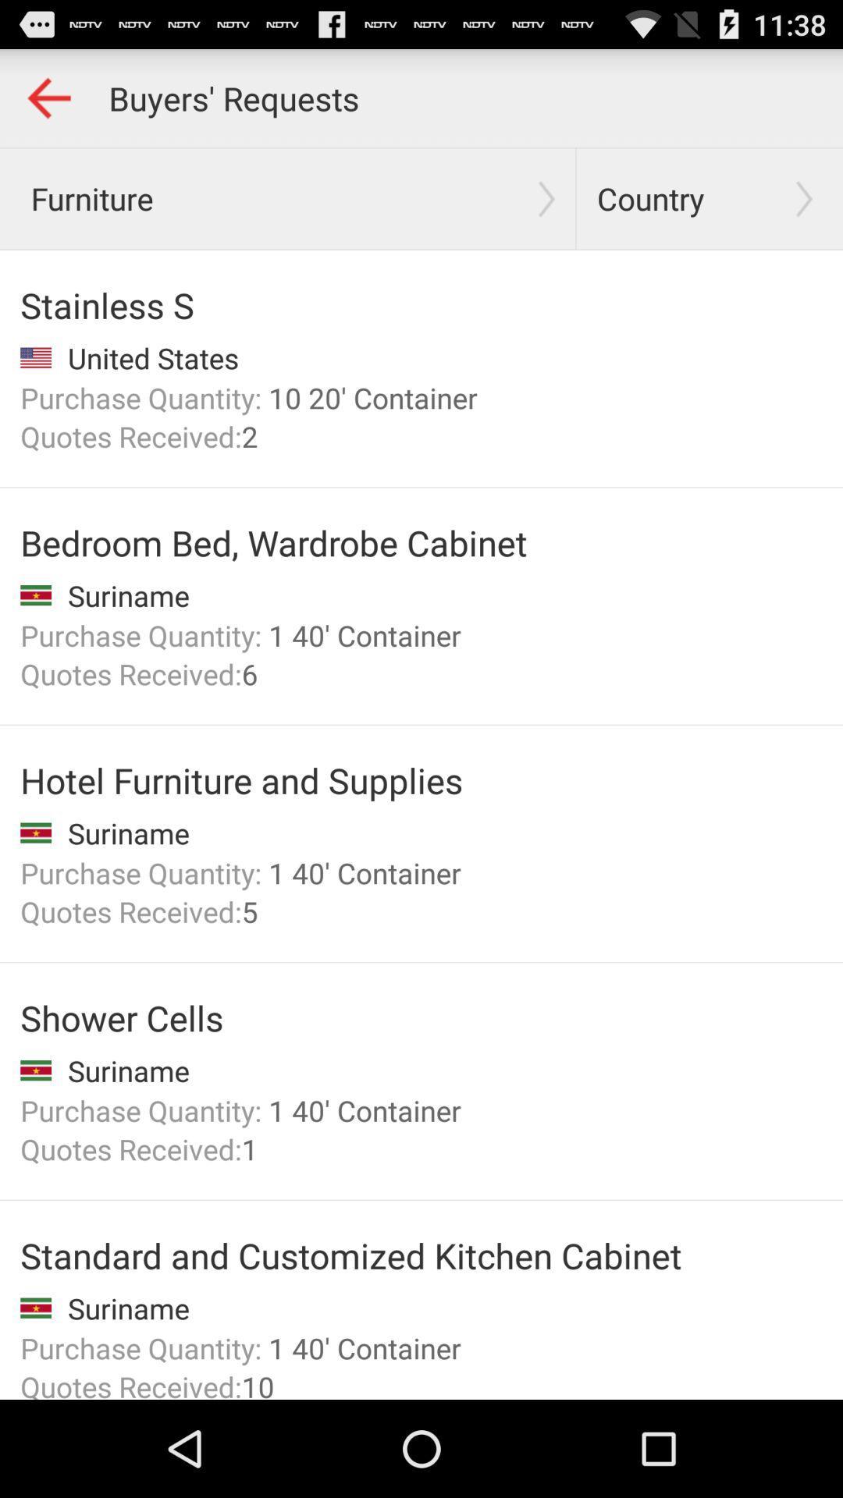 The height and width of the screenshot is (1498, 843). Describe the element at coordinates (48, 97) in the screenshot. I see `go back` at that location.